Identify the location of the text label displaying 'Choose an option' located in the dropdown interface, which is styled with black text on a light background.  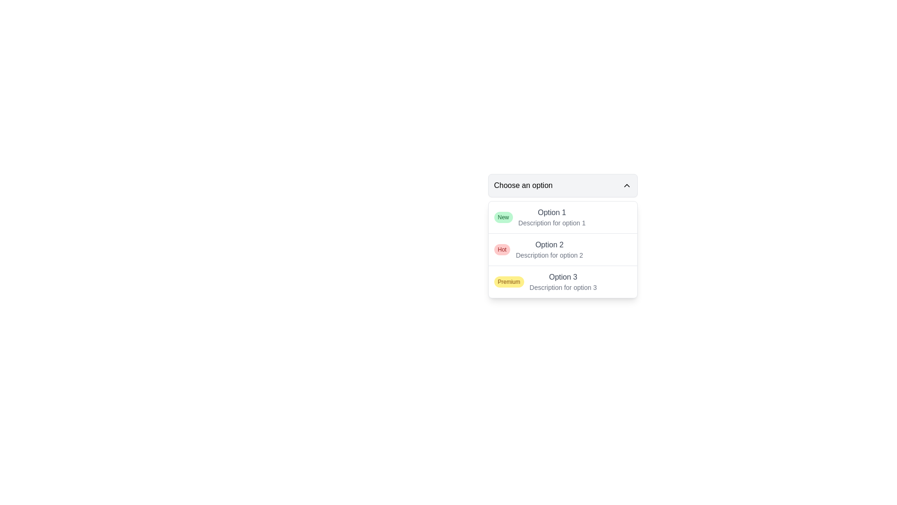
(523, 186).